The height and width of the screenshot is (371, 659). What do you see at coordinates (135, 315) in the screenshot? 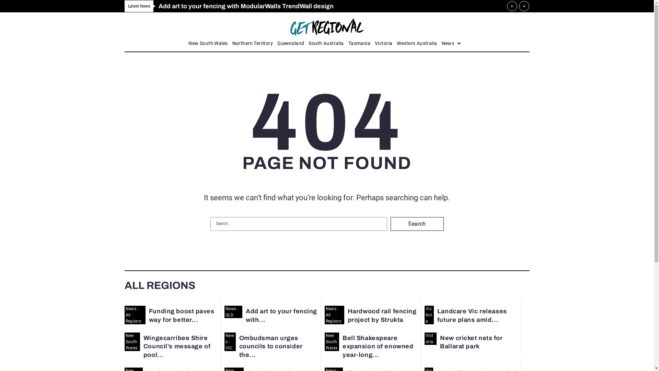
I see `'News - All Regions'` at bounding box center [135, 315].